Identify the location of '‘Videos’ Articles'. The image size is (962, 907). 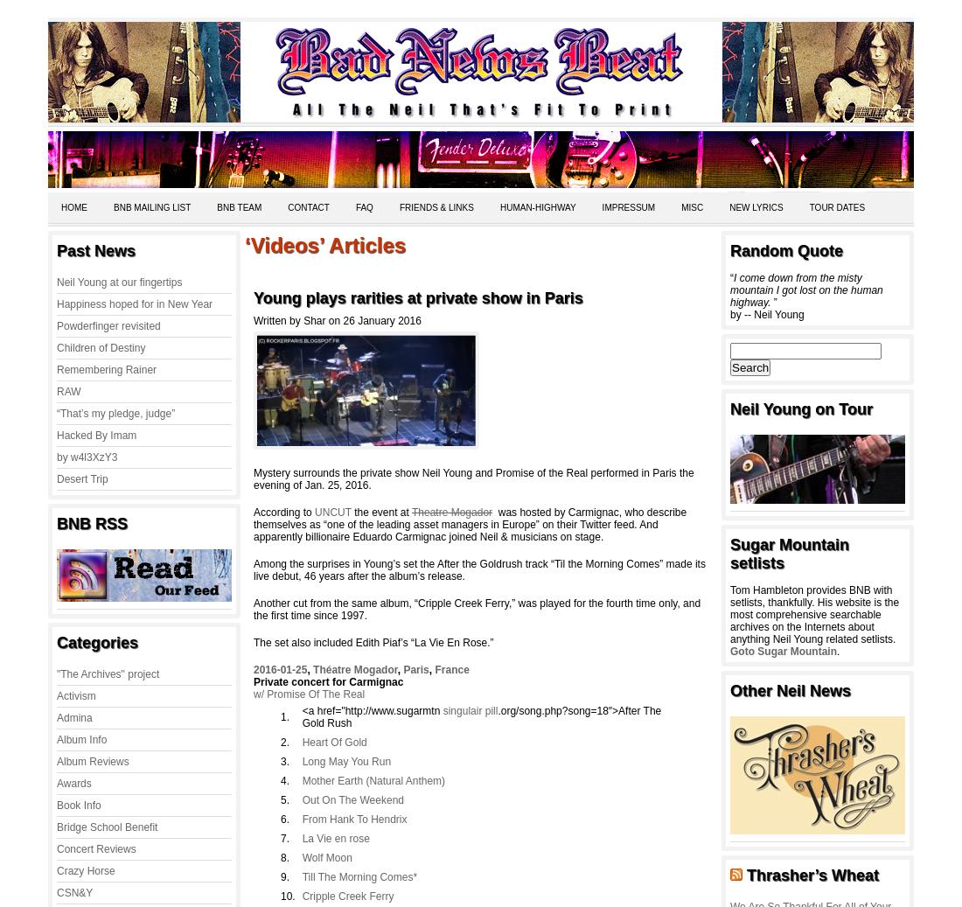
(325, 244).